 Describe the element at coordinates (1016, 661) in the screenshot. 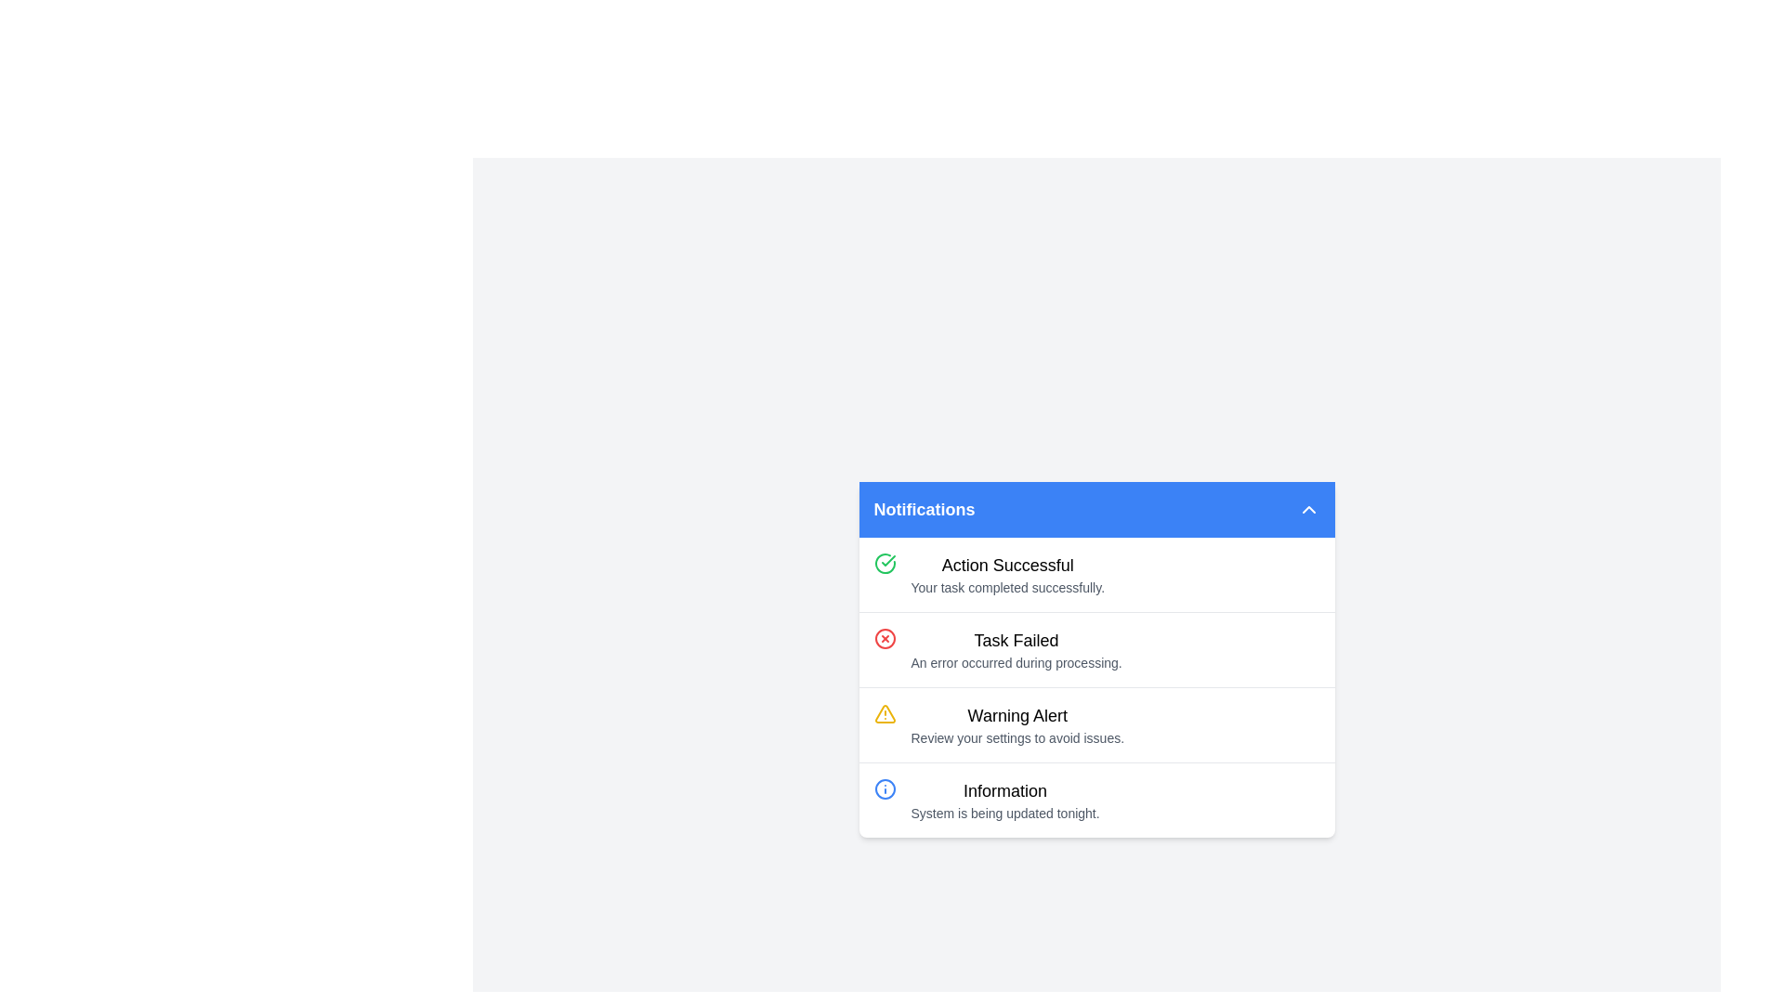

I see `the text displaying 'An error occurred during processing.' located in the notification panel, directly below the title 'Task Failed.'` at that location.